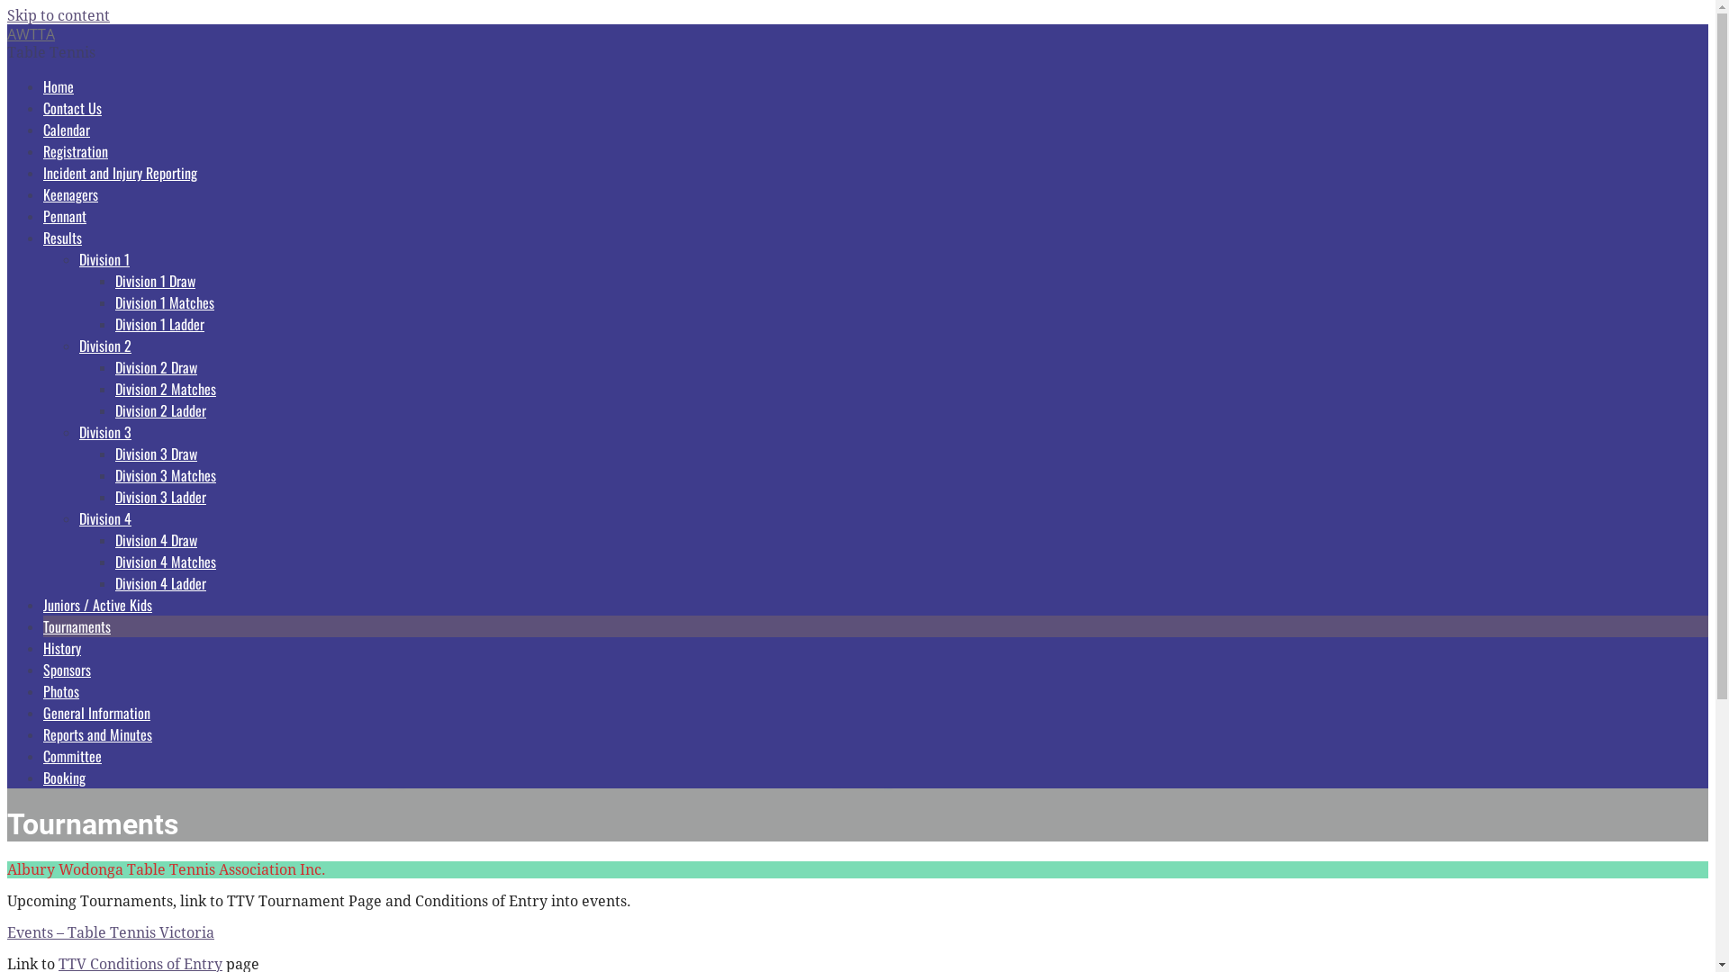  What do you see at coordinates (61, 648) in the screenshot?
I see `'History'` at bounding box center [61, 648].